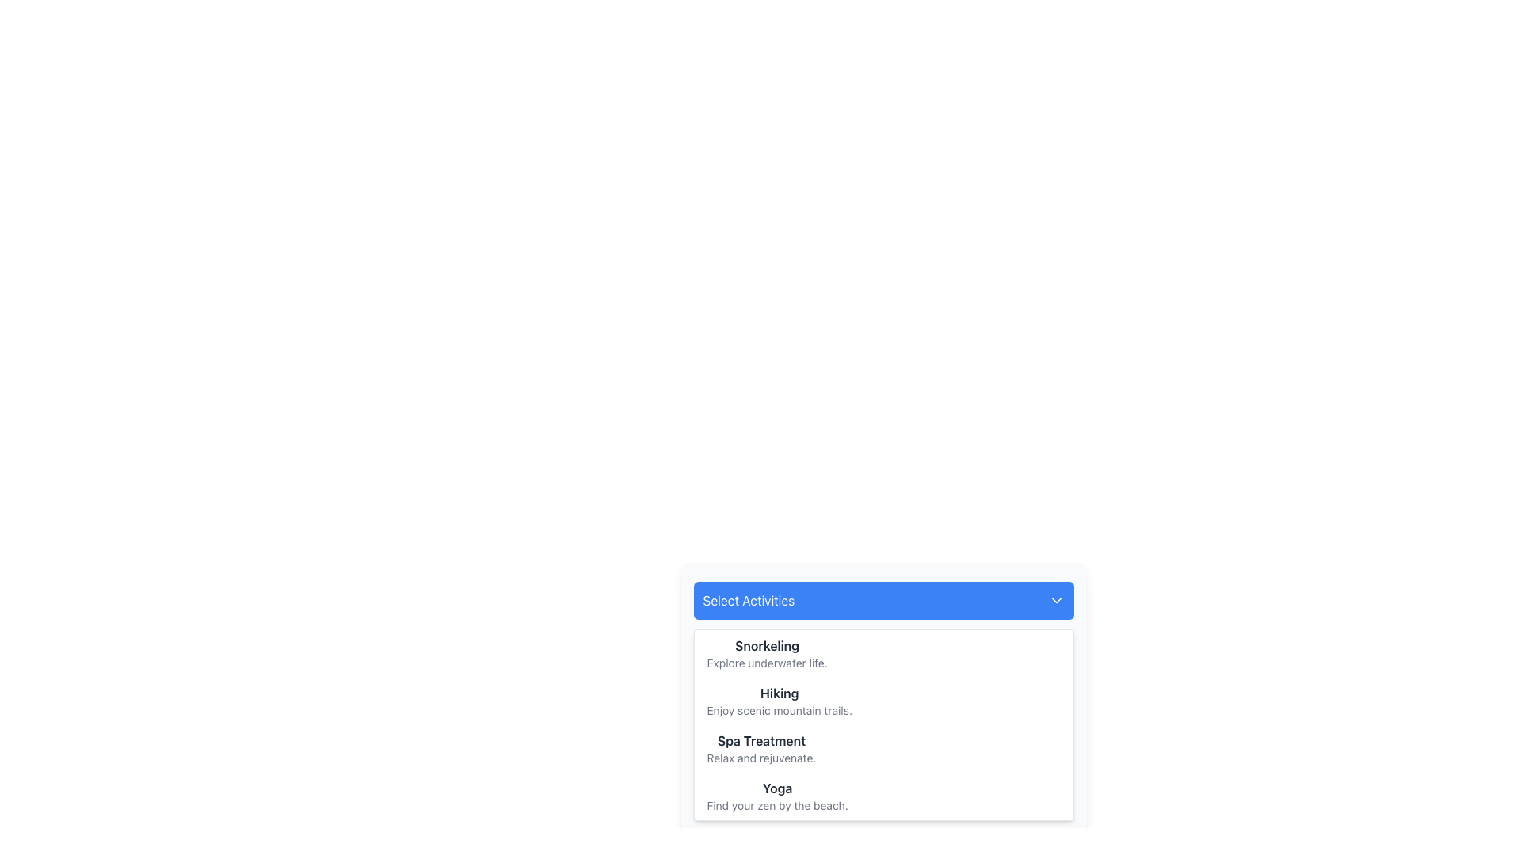 Image resolution: width=1521 pixels, height=855 pixels. What do you see at coordinates (780, 701) in the screenshot?
I see `the 'Hiking' option in the dropdown menu 'Select Activities'` at bounding box center [780, 701].